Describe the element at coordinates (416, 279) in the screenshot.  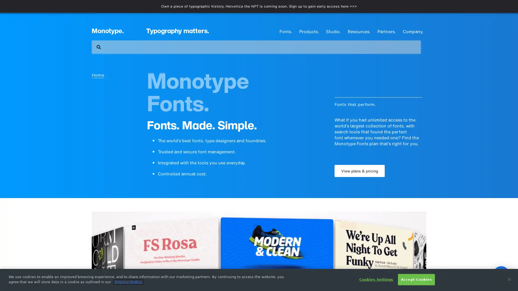
I see `Accept Cookies` at that location.